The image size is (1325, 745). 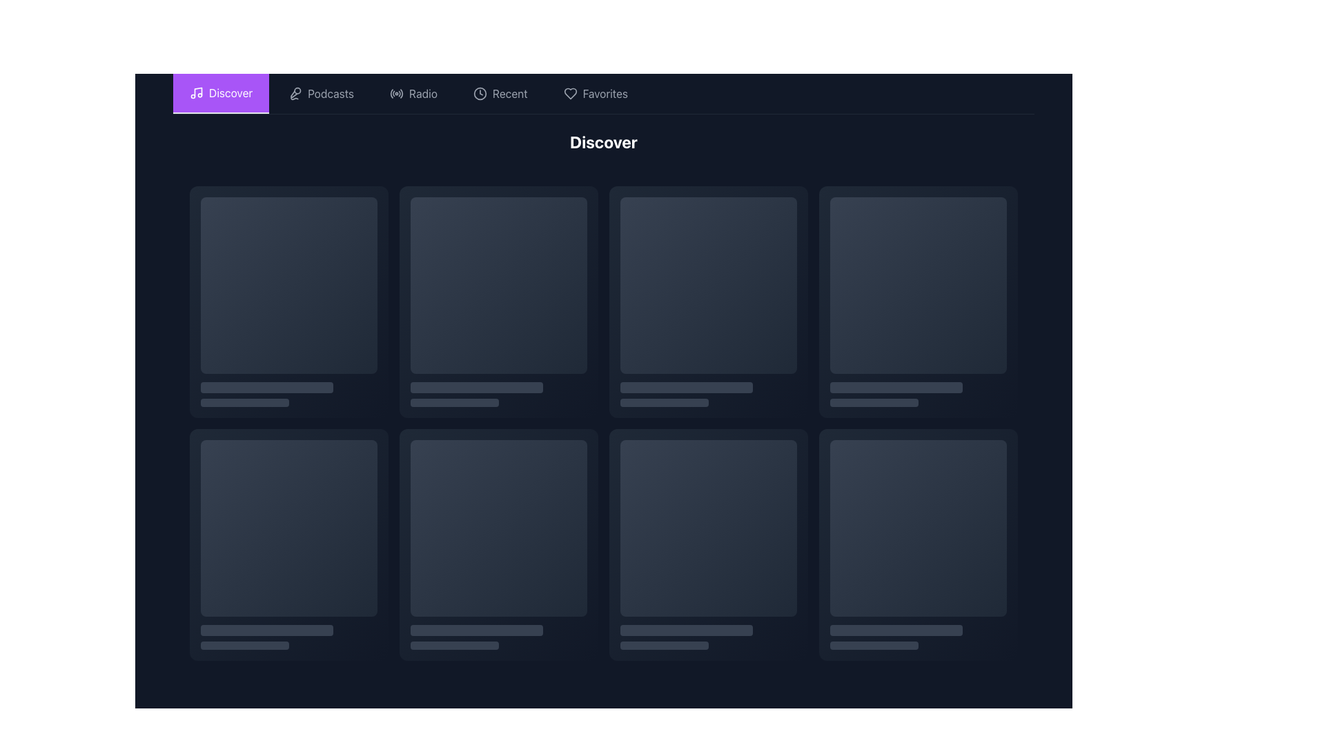 I want to click on the 'Favorites' button, which has a gray text label and a heart-shaped icon, located in the top navigation bar, so click(x=596, y=93).